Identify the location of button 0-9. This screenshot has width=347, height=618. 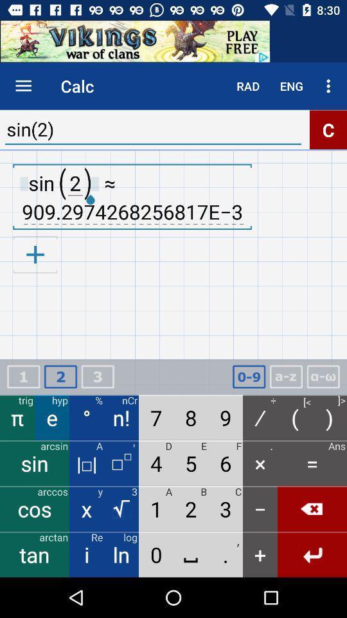
(249, 377).